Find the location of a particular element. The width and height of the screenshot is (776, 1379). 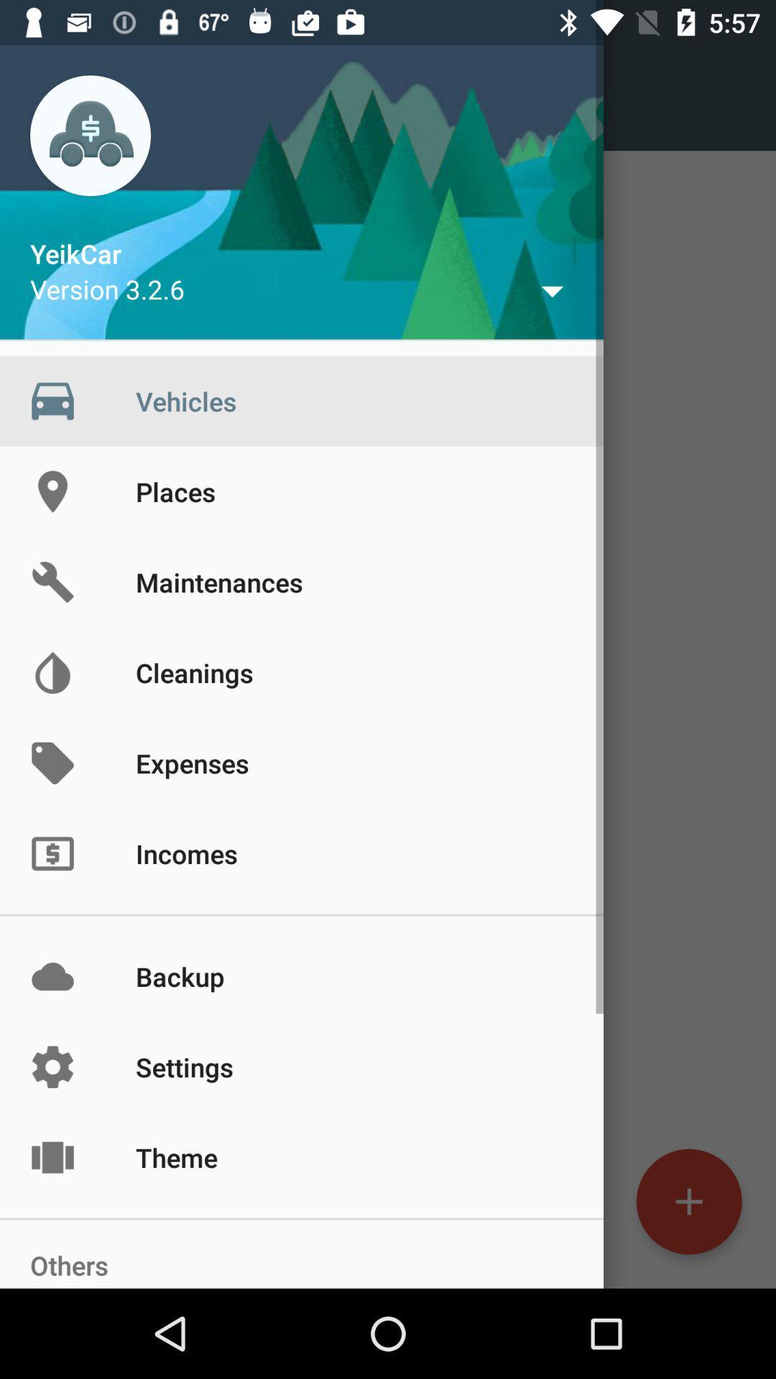

the add icon is located at coordinates (688, 1202).